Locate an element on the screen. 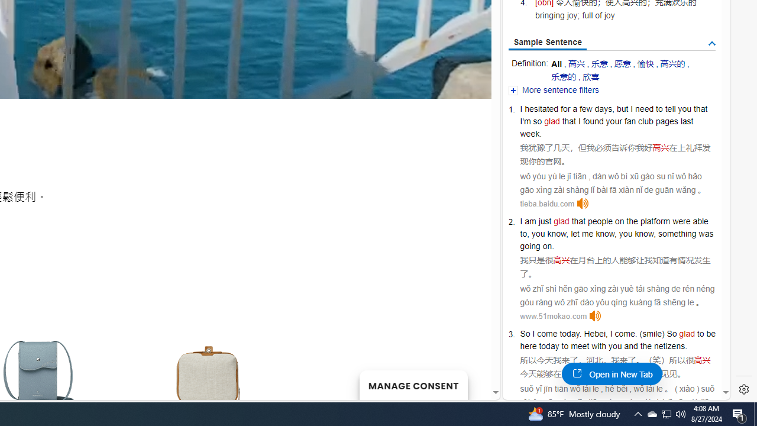  'able' is located at coordinates (700, 221).